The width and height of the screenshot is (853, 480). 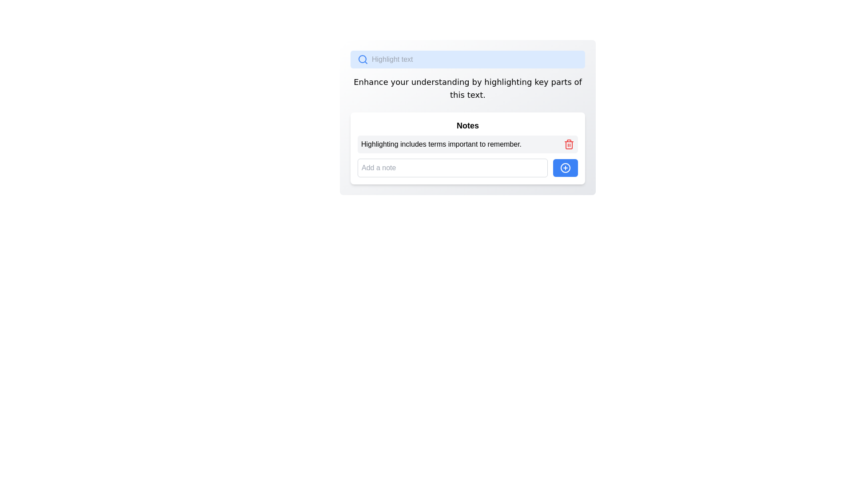 I want to click on the text character 'i' within the phrase 'Enhance your understanding by highlighting key parts of this text.' This character is positioned in the middle of the phrase, specifically near 'highlighting.', so click(x=521, y=82).